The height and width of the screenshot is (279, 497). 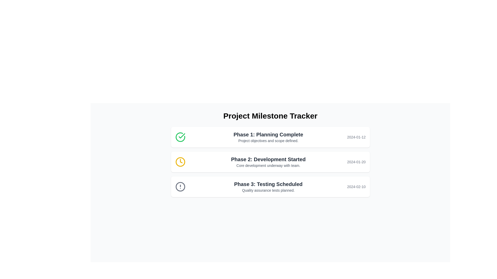 What do you see at coordinates (180, 137) in the screenshot?
I see `the green circular icon with a checkmark indicating approval for 'Phase 1: Planning Complete', located at the beginning of the card` at bounding box center [180, 137].